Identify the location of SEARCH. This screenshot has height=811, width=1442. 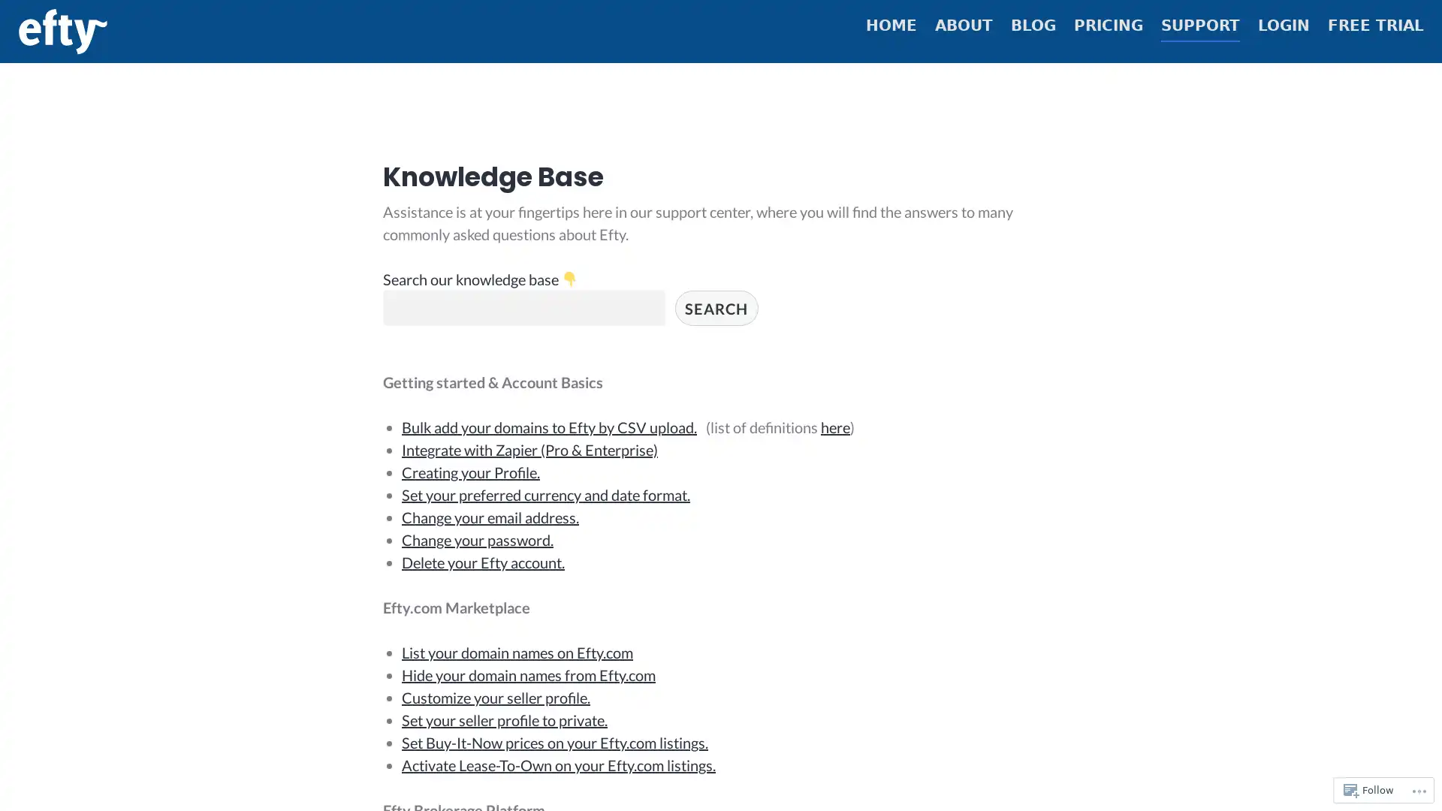
(716, 319).